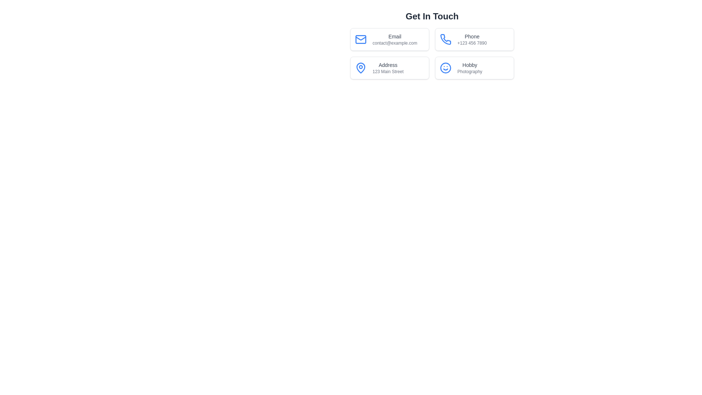 The height and width of the screenshot is (395, 702). Describe the element at coordinates (474, 39) in the screenshot. I see `the phone number displayed on the contact information card, which is the second card in a 2x2 grid layout, located in the top right of the grid` at that location.